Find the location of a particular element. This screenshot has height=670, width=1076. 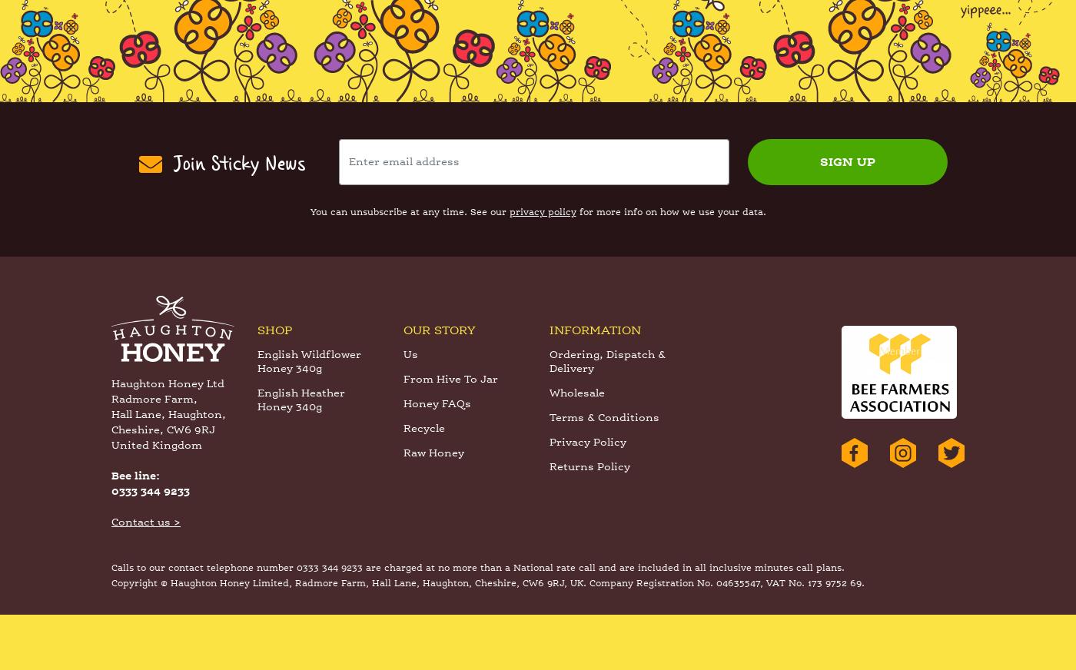

'Privacy Policy' is located at coordinates (587, 499).